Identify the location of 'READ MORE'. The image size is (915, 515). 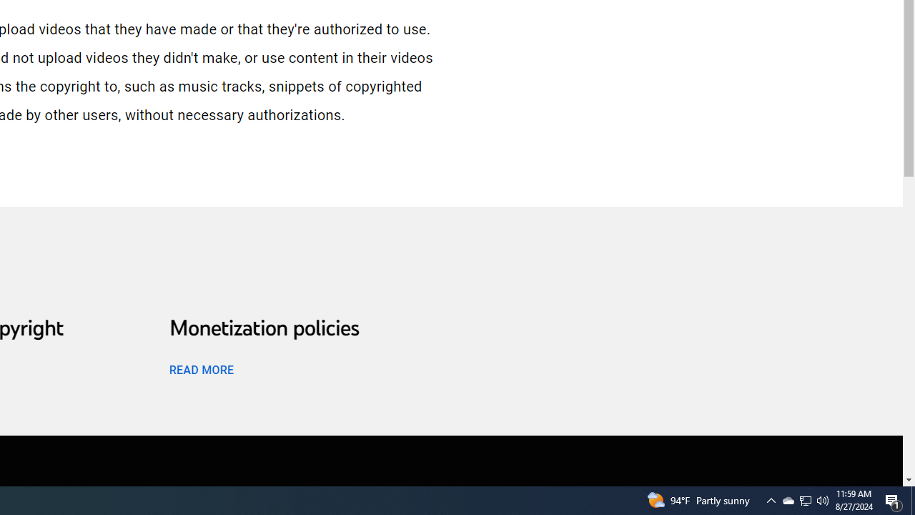
(200, 368).